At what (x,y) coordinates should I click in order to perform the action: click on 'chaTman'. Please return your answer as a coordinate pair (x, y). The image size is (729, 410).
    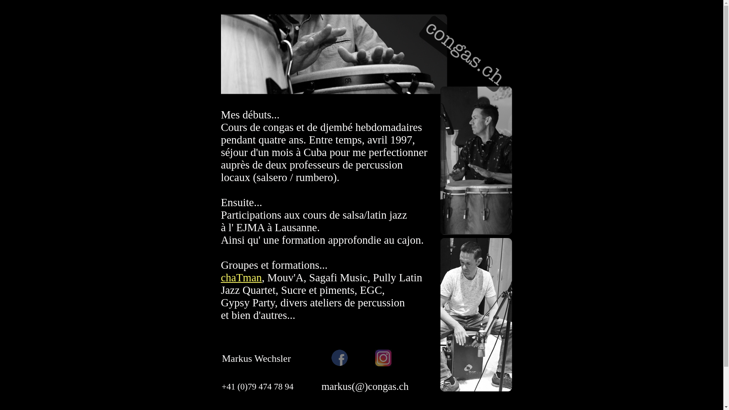
    Looking at the image, I should click on (241, 278).